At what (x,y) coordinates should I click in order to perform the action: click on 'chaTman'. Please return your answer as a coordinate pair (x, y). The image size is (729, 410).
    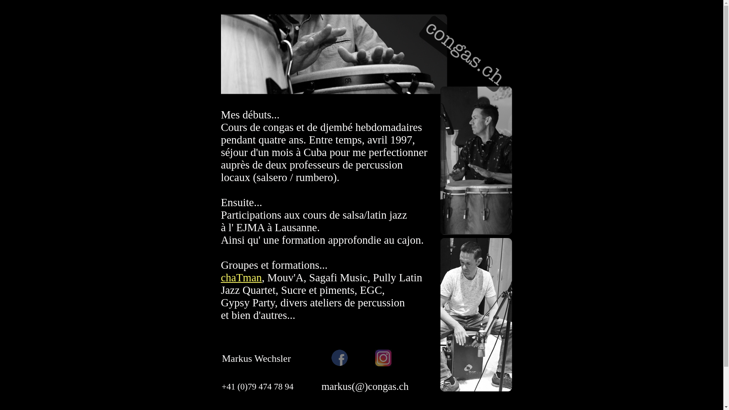
    Looking at the image, I should click on (241, 278).